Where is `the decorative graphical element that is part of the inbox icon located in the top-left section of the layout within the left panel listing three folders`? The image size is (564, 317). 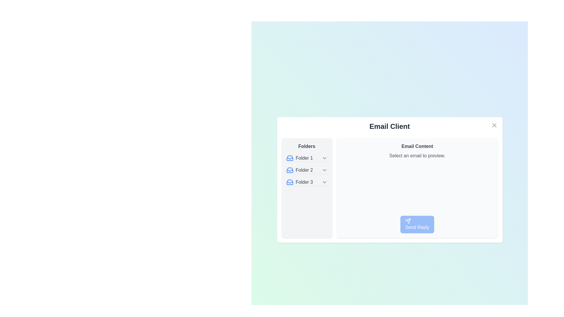
the decorative graphical element that is part of the inbox icon located in the top-left section of the layout within the left panel listing three folders is located at coordinates (290, 182).